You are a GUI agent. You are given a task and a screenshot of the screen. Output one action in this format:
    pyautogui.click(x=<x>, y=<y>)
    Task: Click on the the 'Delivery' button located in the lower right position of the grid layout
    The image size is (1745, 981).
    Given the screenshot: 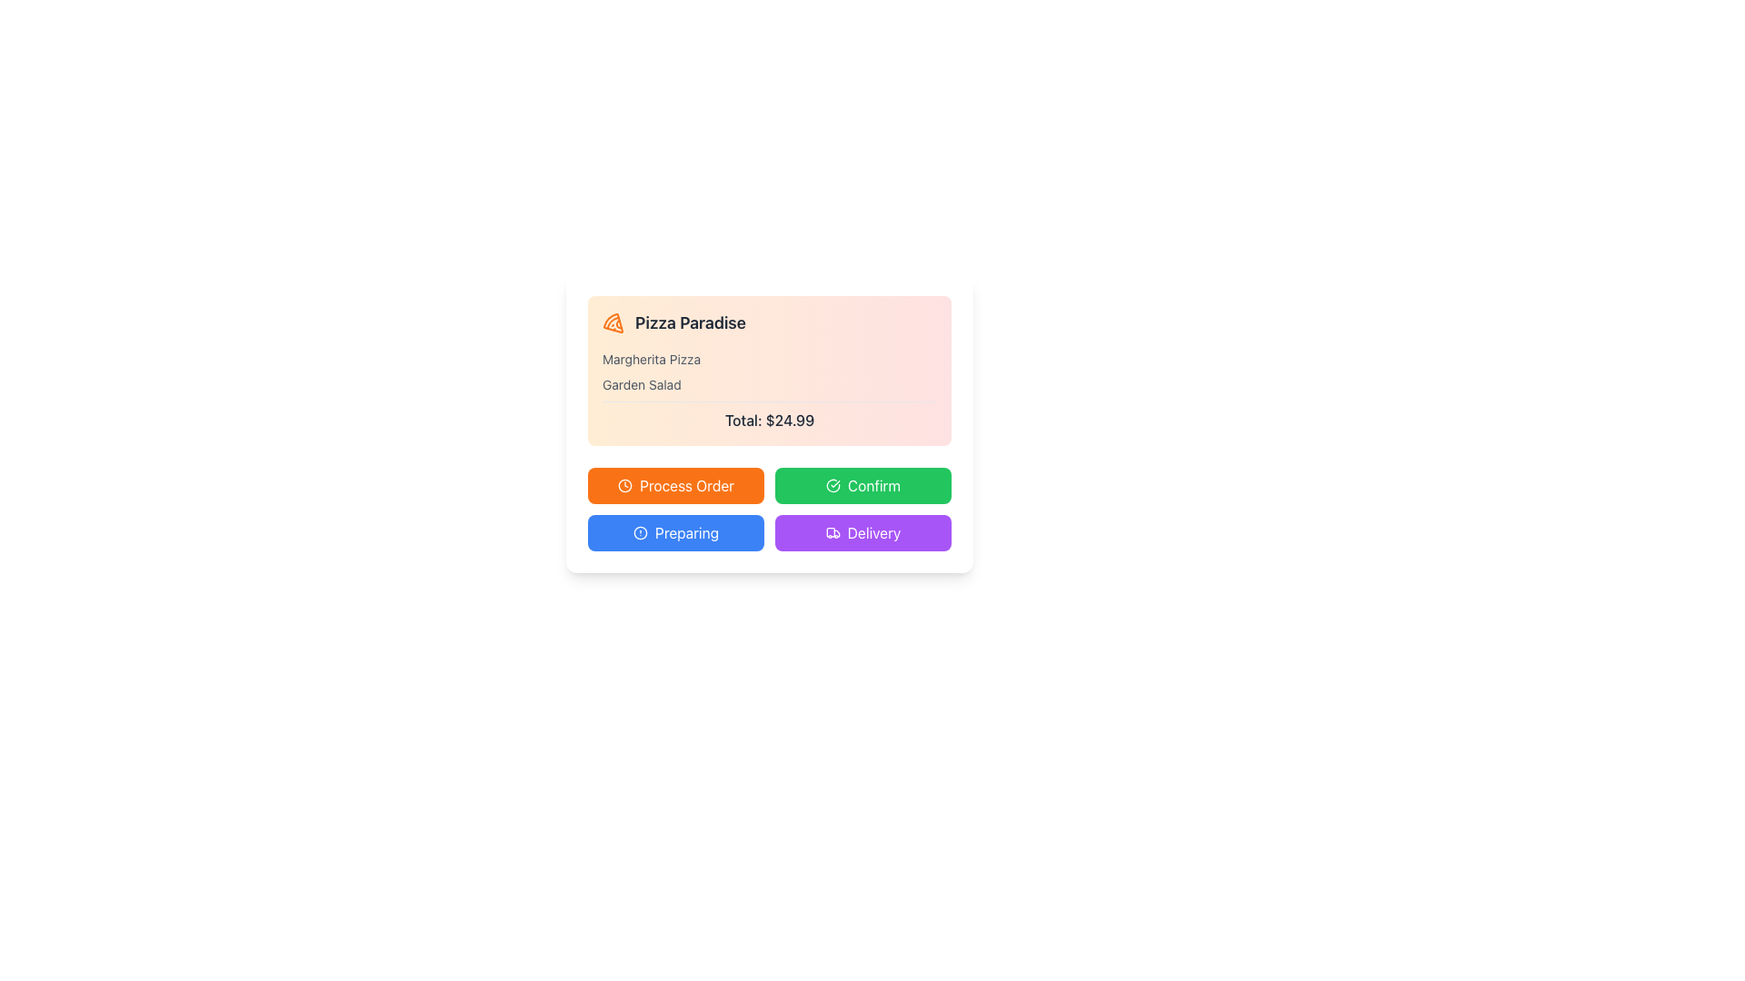 What is the action you would take?
    pyautogui.click(x=863, y=531)
    